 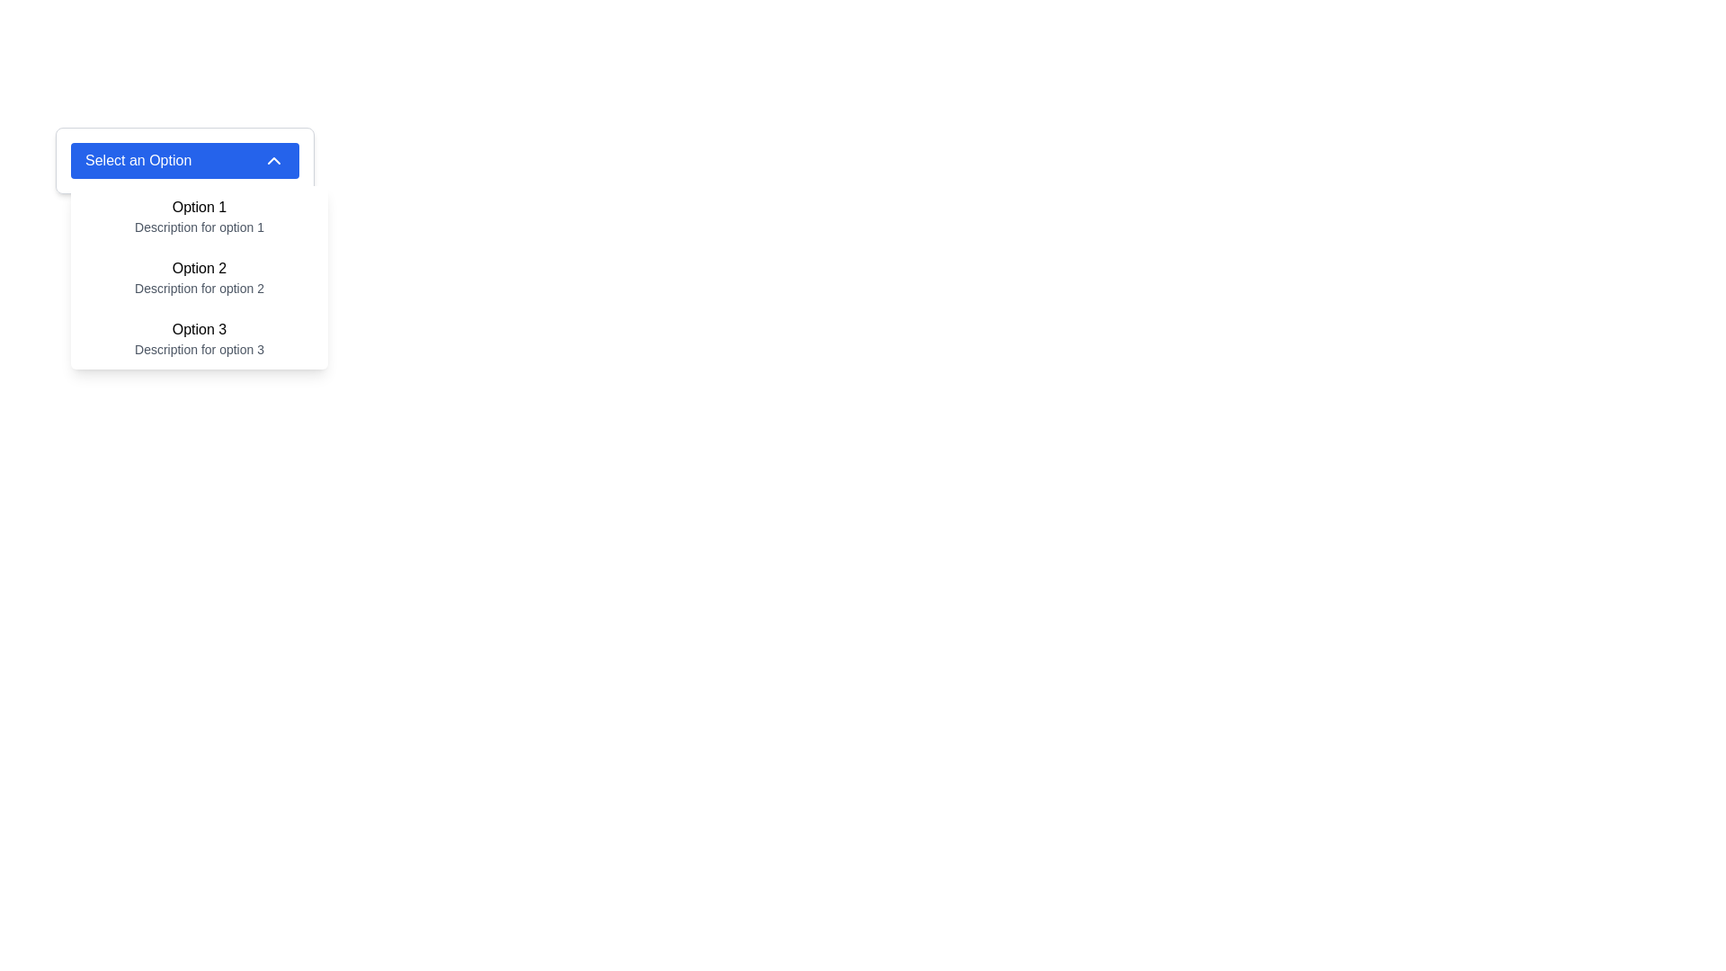 I want to click on the dropdown option labeled 'Option 1', so click(x=199, y=215).